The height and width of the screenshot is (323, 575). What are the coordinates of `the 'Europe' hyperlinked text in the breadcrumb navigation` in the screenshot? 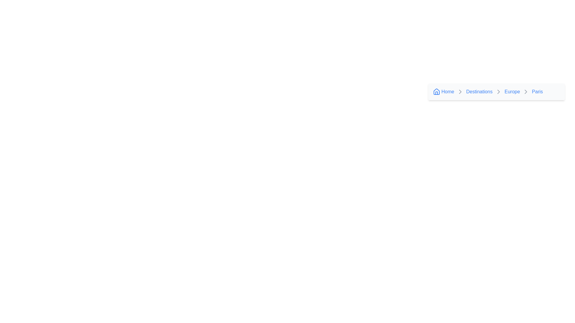 It's located at (518, 92).